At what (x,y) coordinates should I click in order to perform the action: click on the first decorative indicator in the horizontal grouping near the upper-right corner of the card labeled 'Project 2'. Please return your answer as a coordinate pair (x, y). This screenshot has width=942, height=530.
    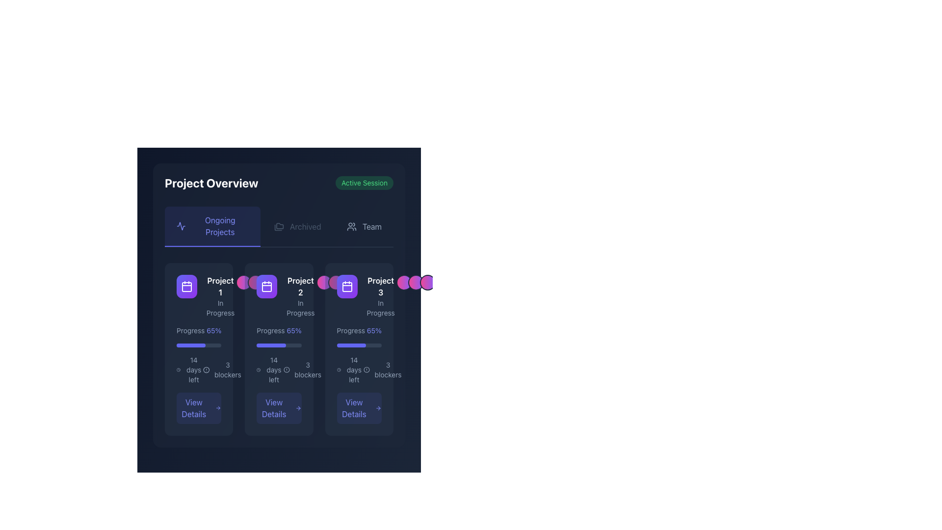
    Looking at the image, I should click on (324, 282).